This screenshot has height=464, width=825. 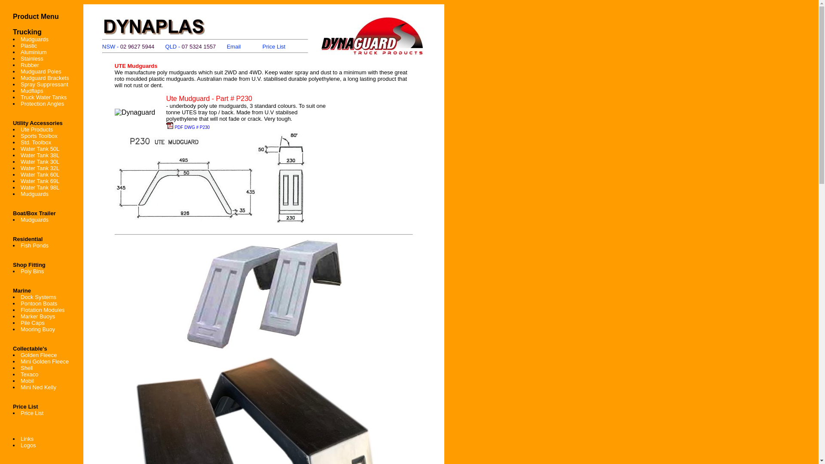 I want to click on 'Water Tank 60L', so click(x=21, y=174).